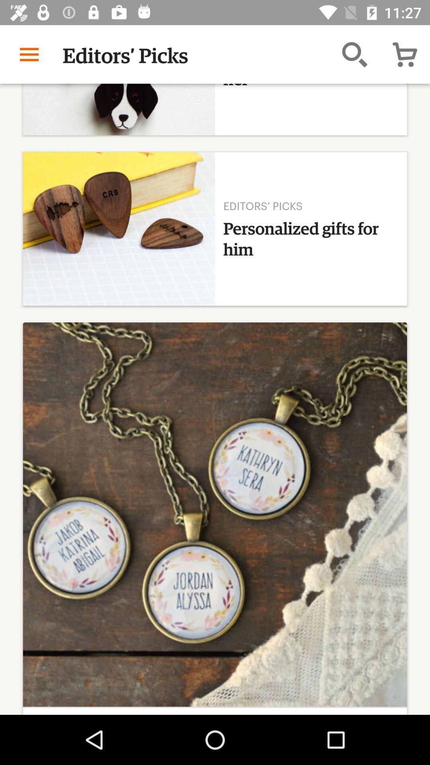  What do you see at coordinates (215, 518) in the screenshot?
I see `the last image` at bounding box center [215, 518].